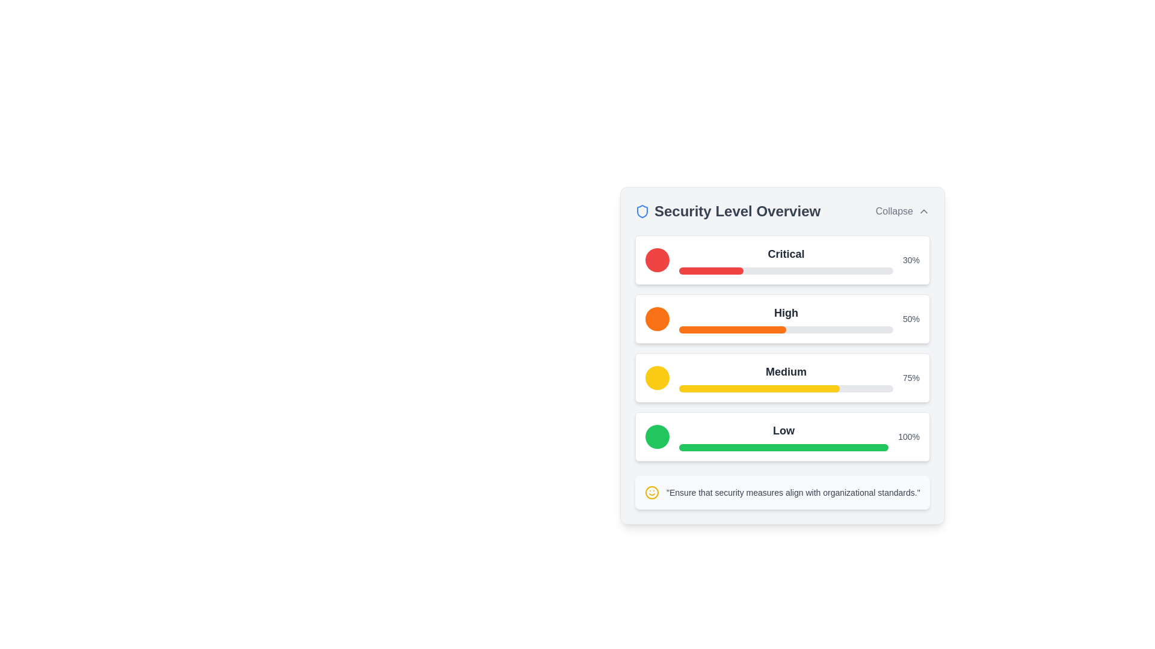 This screenshot has height=649, width=1155. Describe the element at coordinates (657, 377) in the screenshot. I see `the Circular status indicator that represents the "Medium" level within the security overview` at that location.